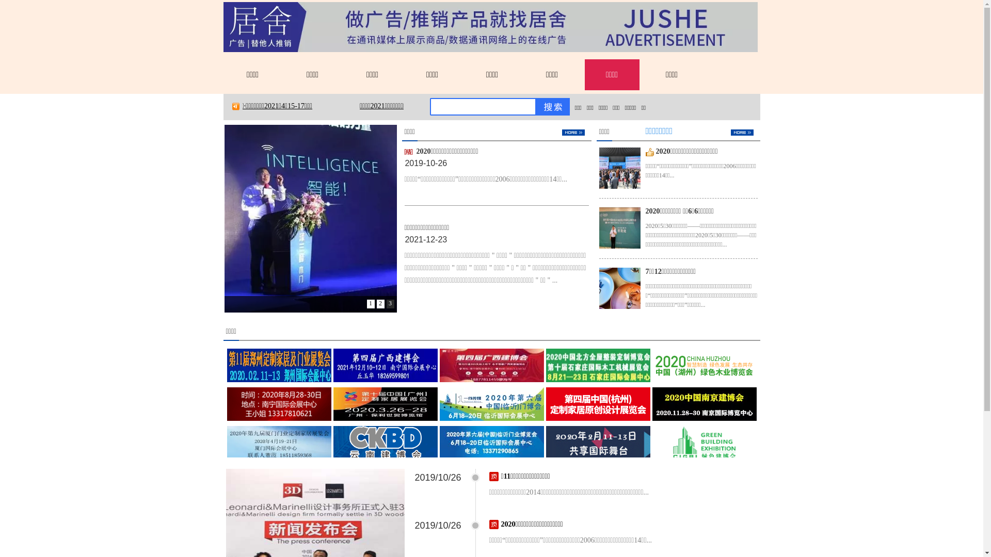  I want to click on '2019/10/26', so click(438, 477).